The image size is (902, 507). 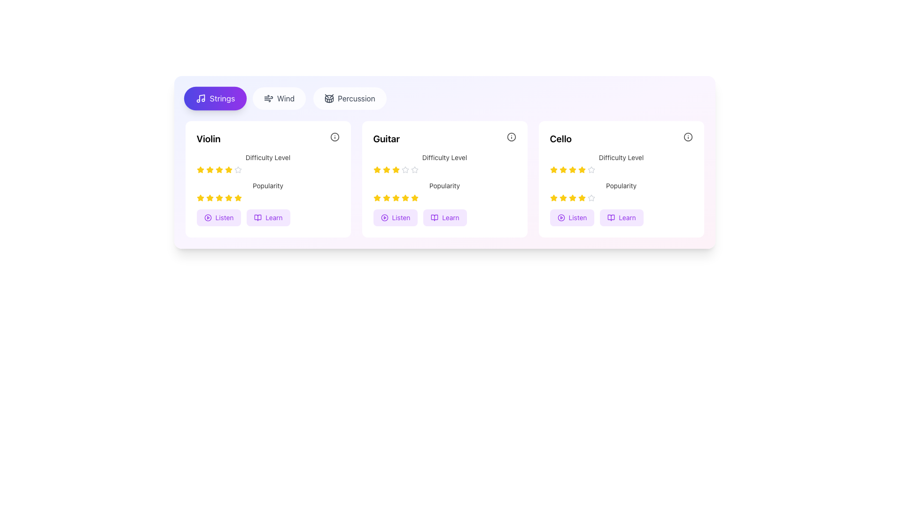 I want to click on the sixth Rating Star Icon in the popularity ratings section of the 'Violin' card to interact with its functionality, so click(x=228, y=197).